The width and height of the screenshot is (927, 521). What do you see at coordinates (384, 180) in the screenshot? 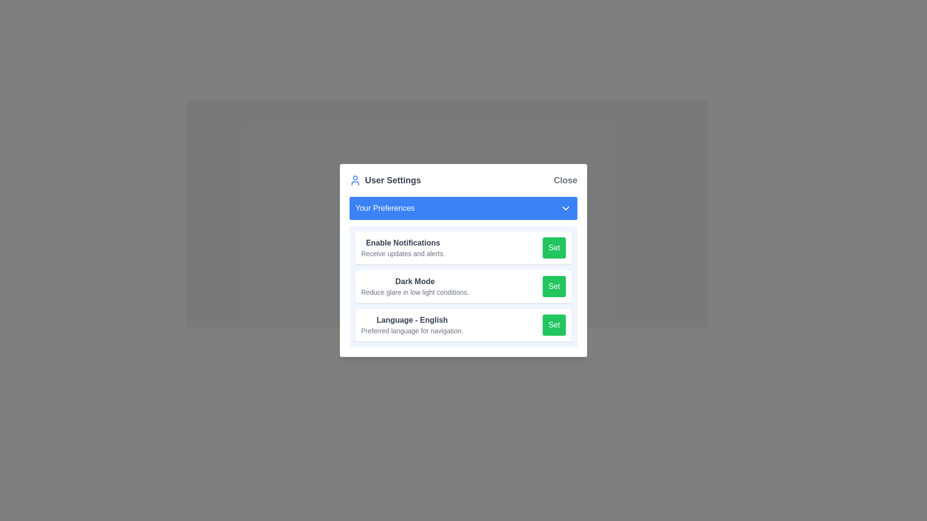
I see `the 'User Settings' text label with the accompanying blue user profile icon, which is styled in bold gray font and is located near the top-left corner of the modal` at bounding box center [384, 180].